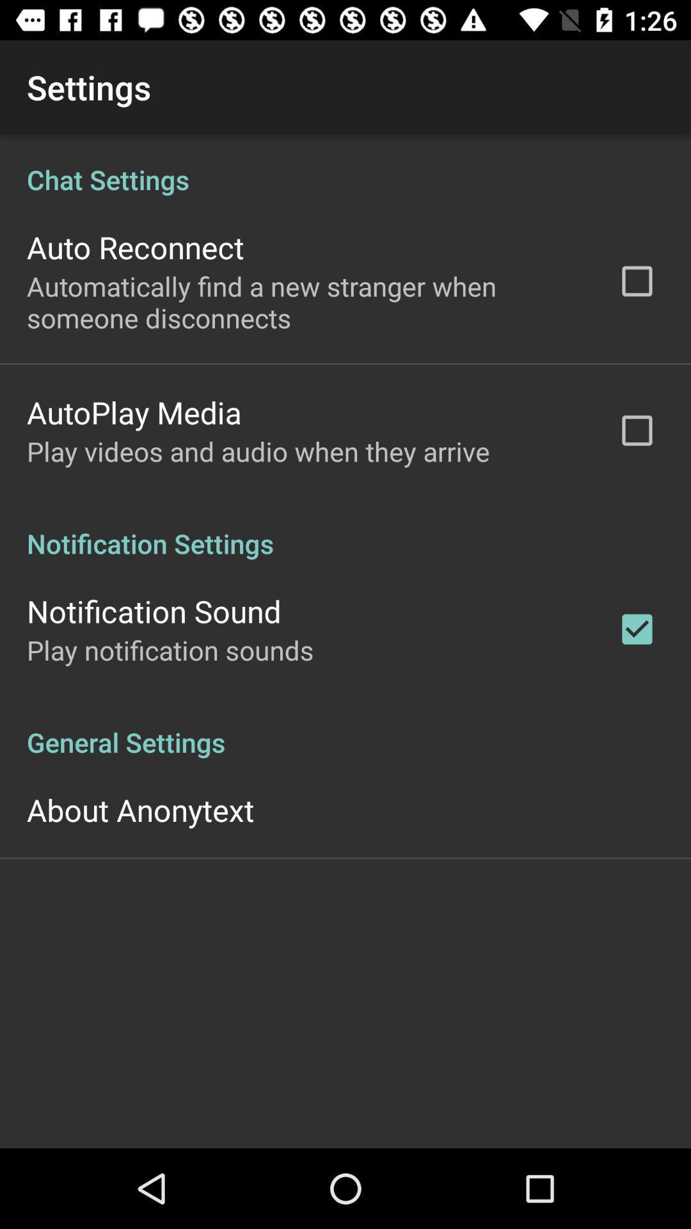 The height and width of the screenshot is (1229, 691). What do you see at coordinates (305, 301) in the screenshot?
I see `automatically find a icon` at bounding box center [305, 301].